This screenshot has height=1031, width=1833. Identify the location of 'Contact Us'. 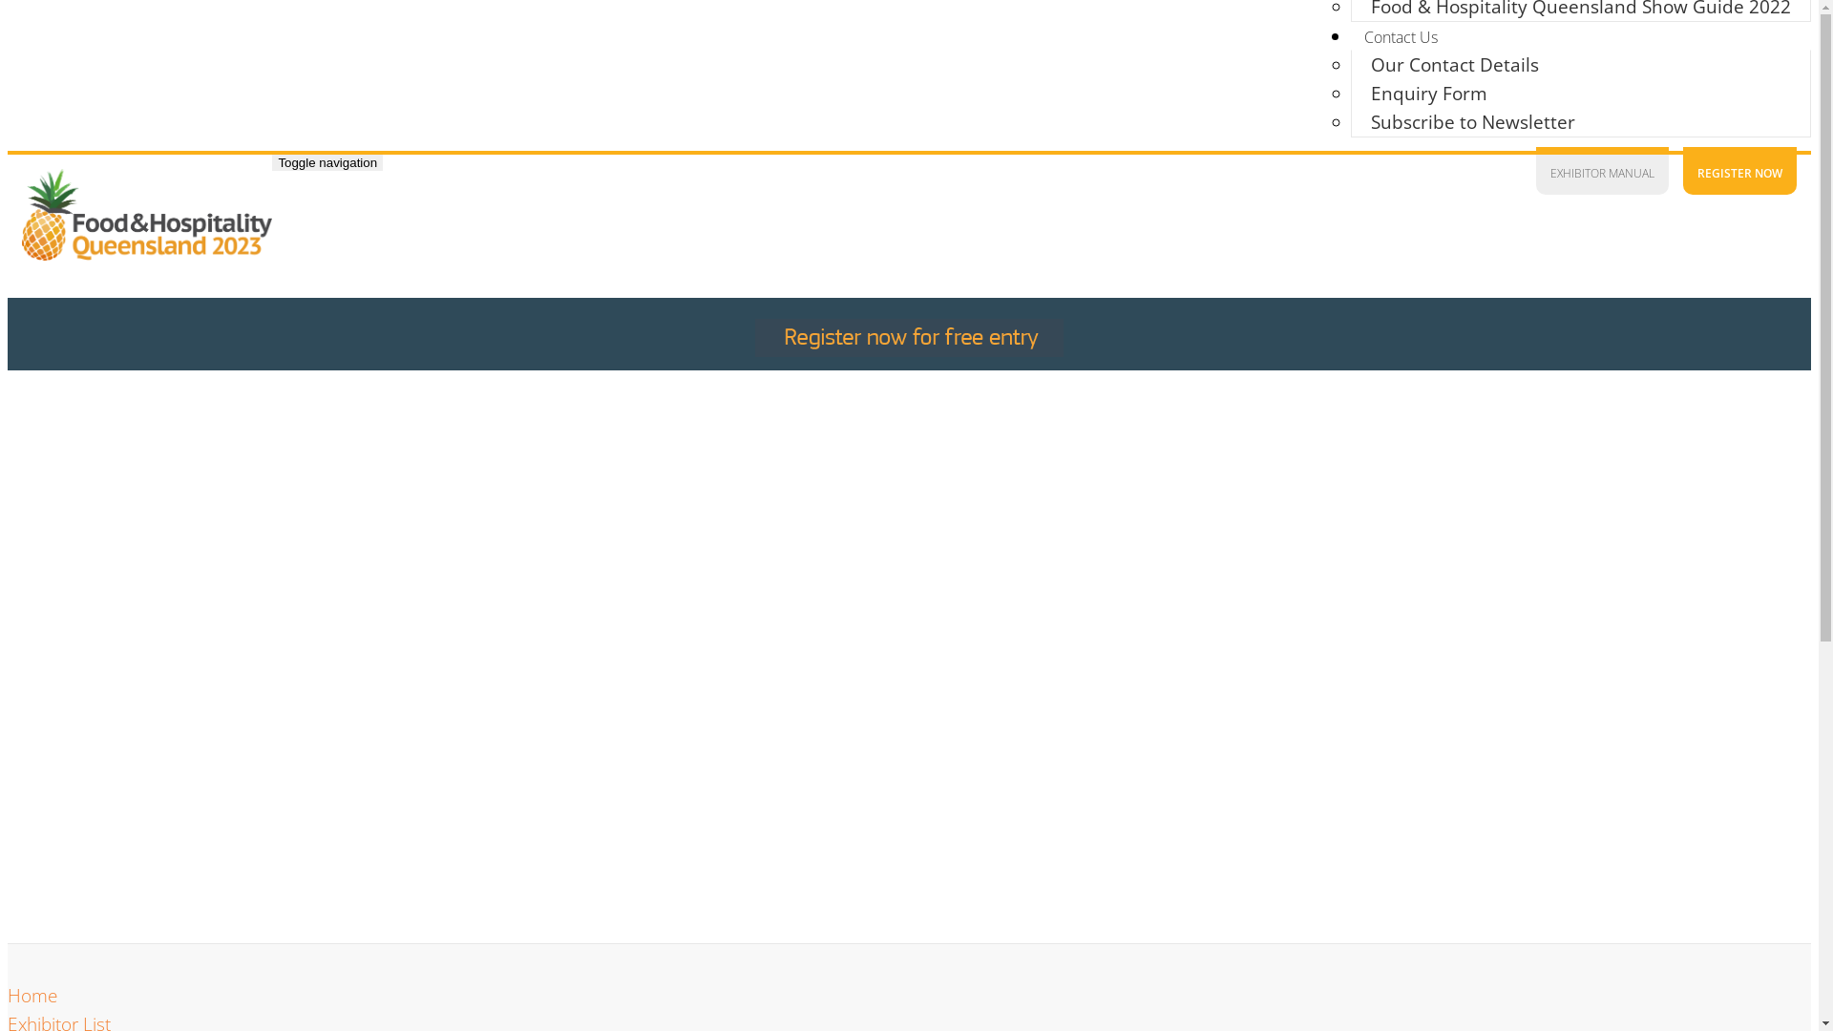
(1401, 36).